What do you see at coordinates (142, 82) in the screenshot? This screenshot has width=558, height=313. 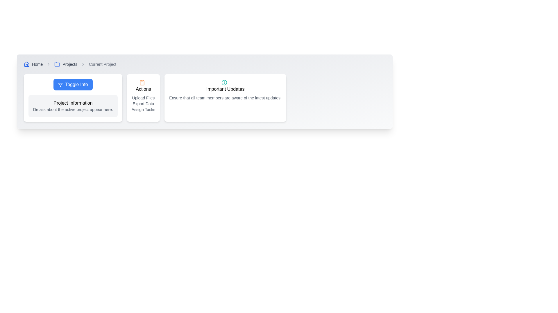 I see `the clipboard icon located within the 'Actions' section, positioned to the left of the text 'Actions.'` at bounding box center [142, 82].